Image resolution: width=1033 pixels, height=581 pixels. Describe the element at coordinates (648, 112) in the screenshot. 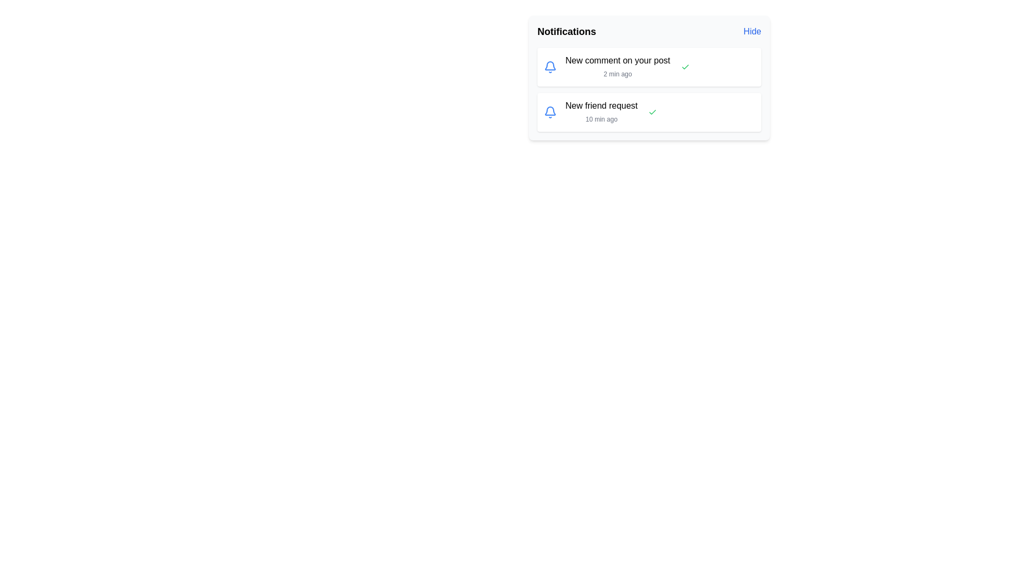

I see `the notification entry indicating a new friend request received 10 minutes ago` at that location.